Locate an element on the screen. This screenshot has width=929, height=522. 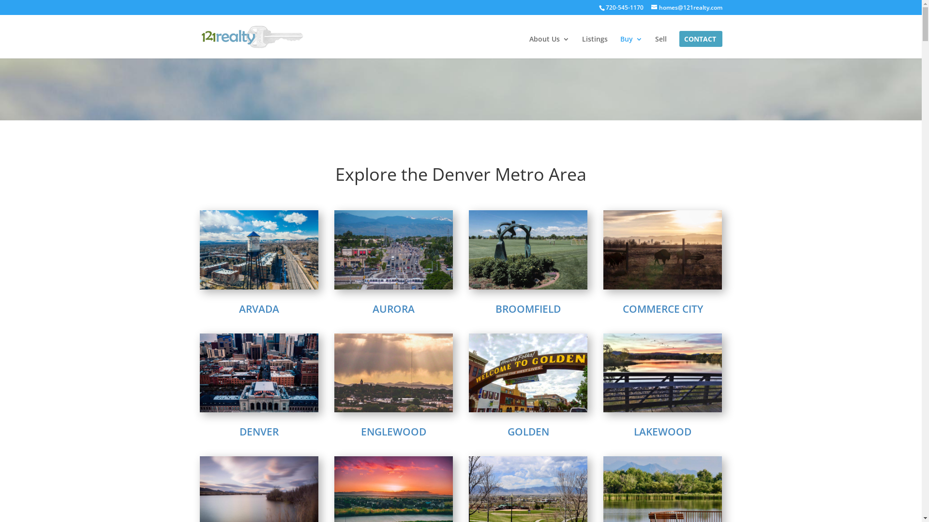
'CONTACT' is located at coordinates (700, 47).